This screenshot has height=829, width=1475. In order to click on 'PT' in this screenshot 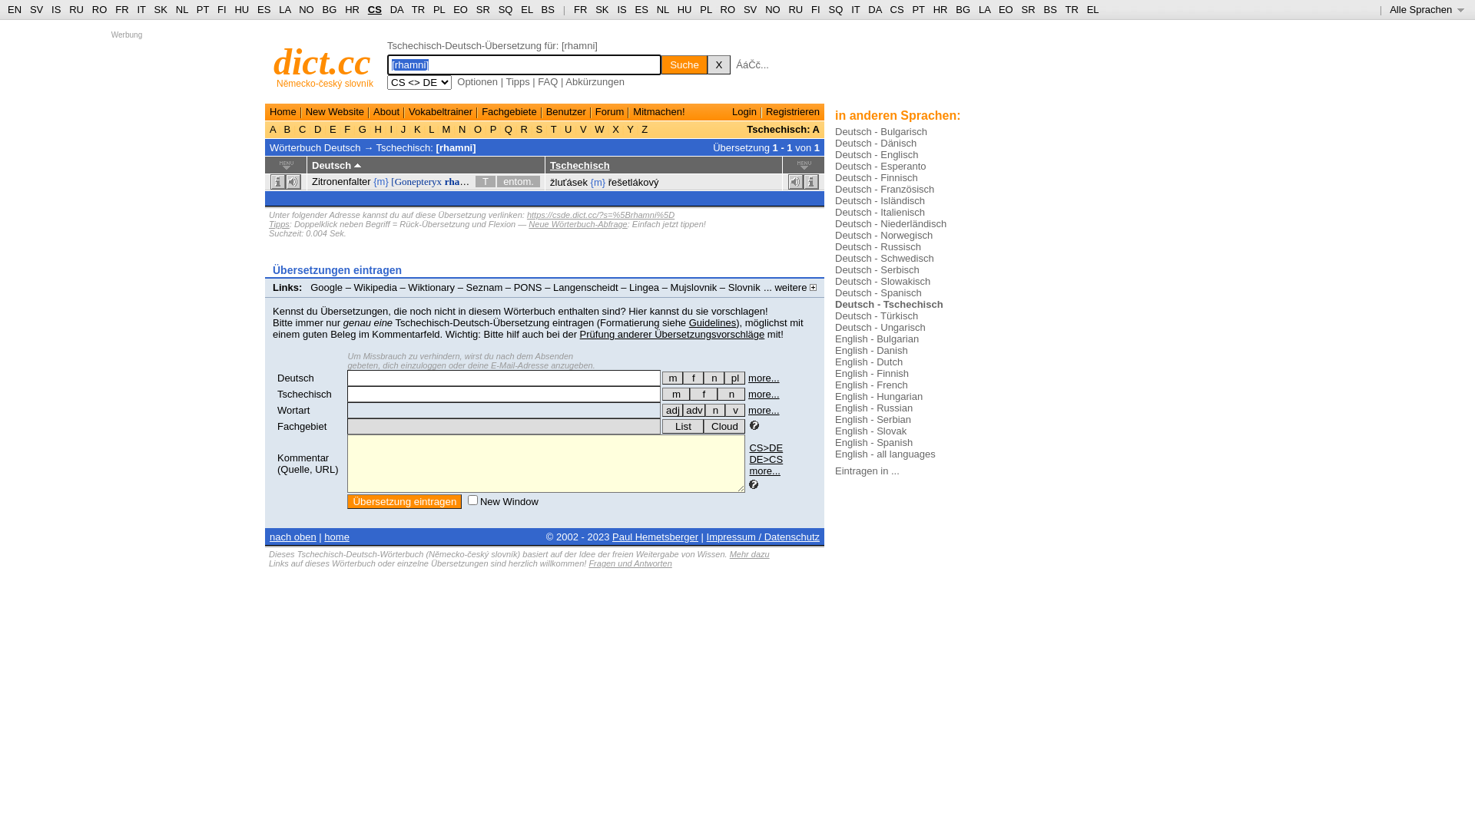, I will do `click(911, 9)`.